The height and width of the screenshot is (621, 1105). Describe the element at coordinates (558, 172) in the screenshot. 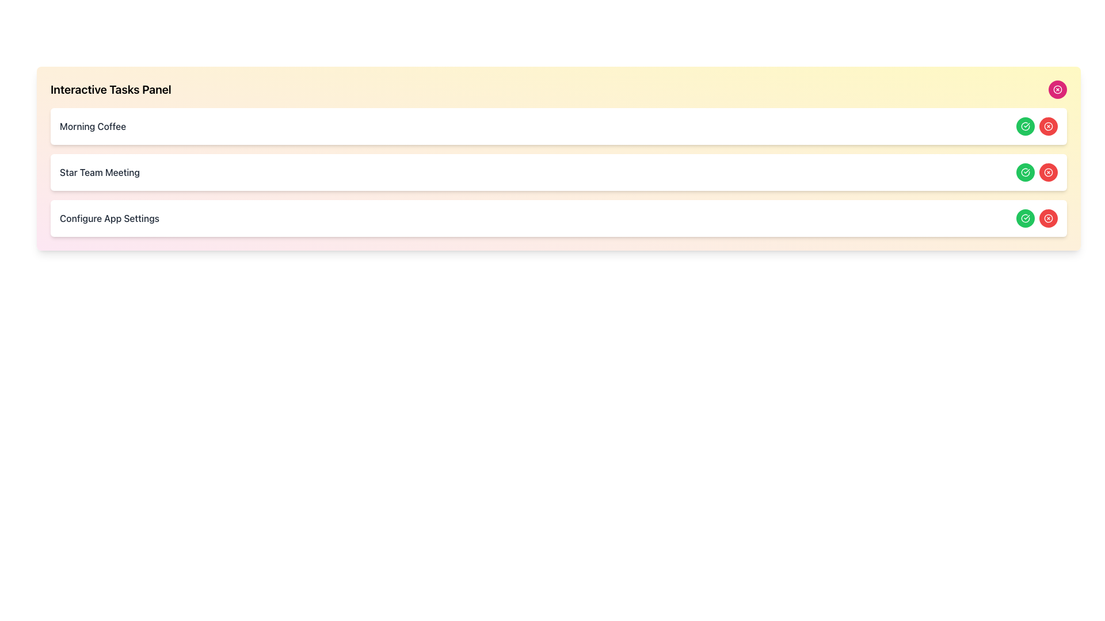

I see `the 'Star Team Meeting' interactive list entry to edit the task title` at that location.